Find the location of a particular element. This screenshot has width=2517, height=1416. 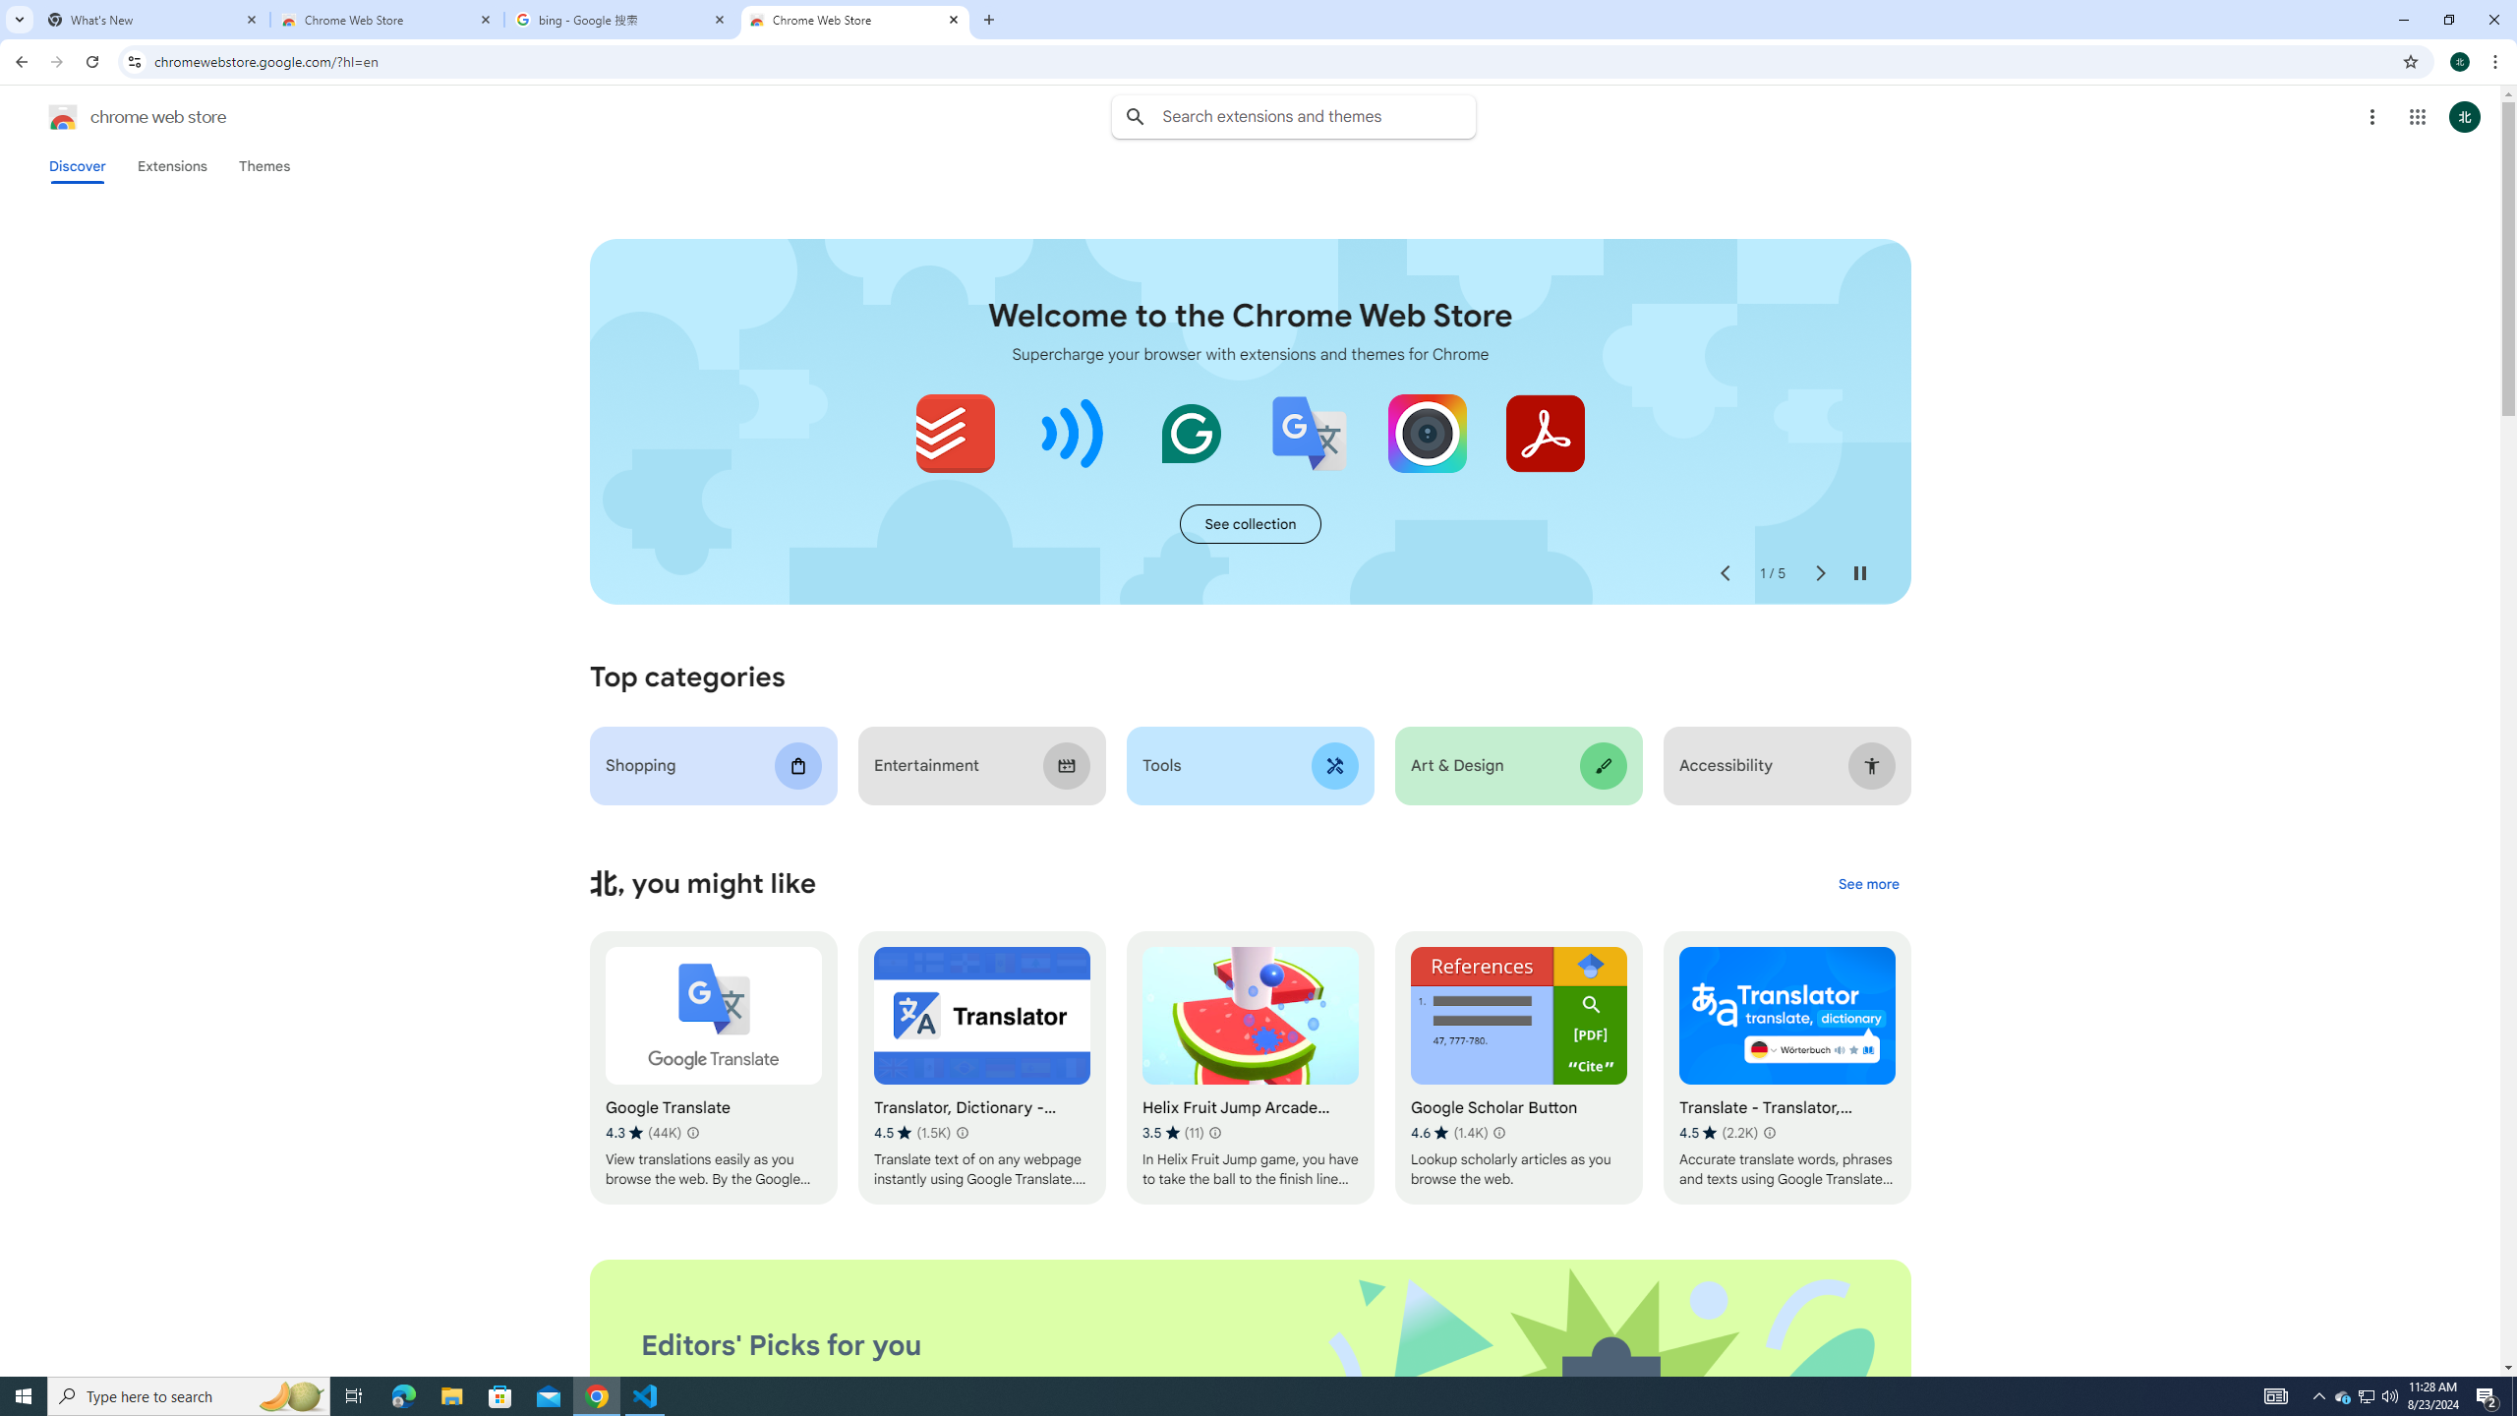

'Extensions' is located at coordinates (172, 165).